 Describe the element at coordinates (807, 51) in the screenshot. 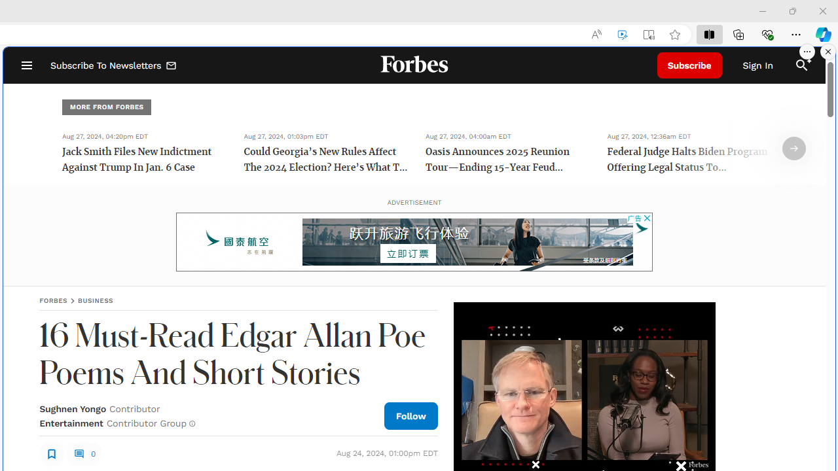

I see `'More options.'` at that location.